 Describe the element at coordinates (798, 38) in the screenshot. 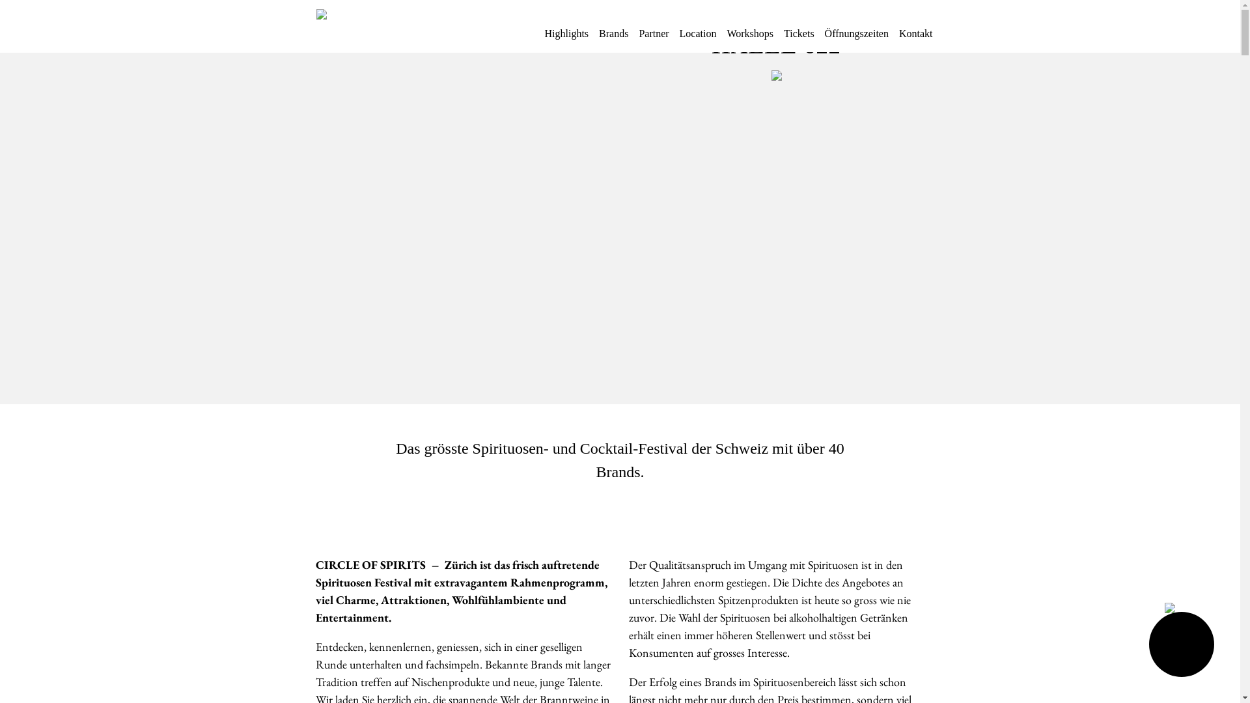

I see `'Tickets'` at that location.